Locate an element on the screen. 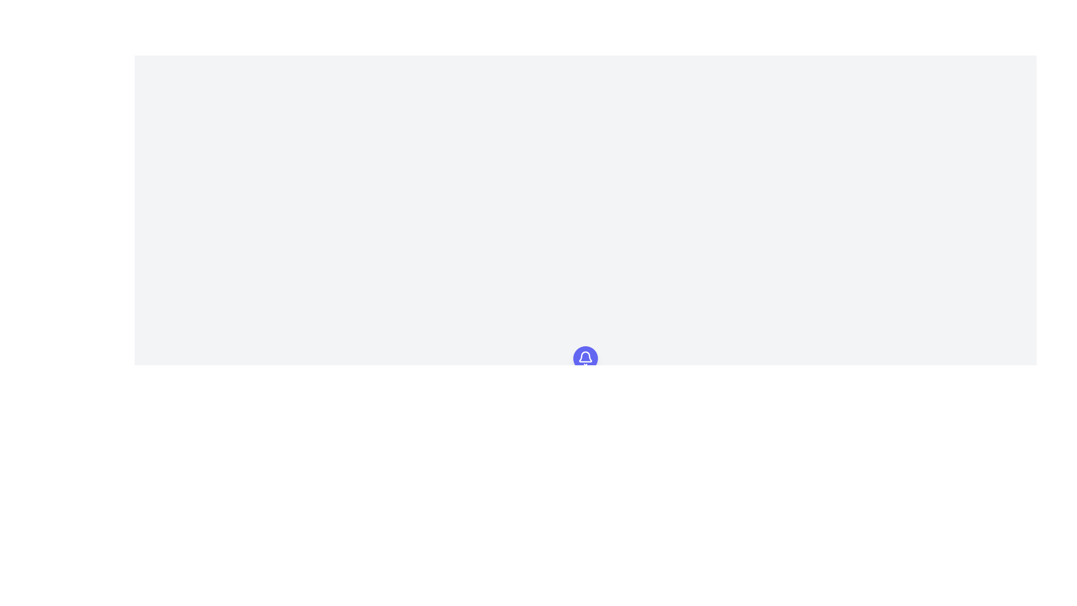 This screenshot has height=606, width=1077. the notification SVG icon located within the rounded button at the bottom center of the user interface is located at coordinates (584, 359).